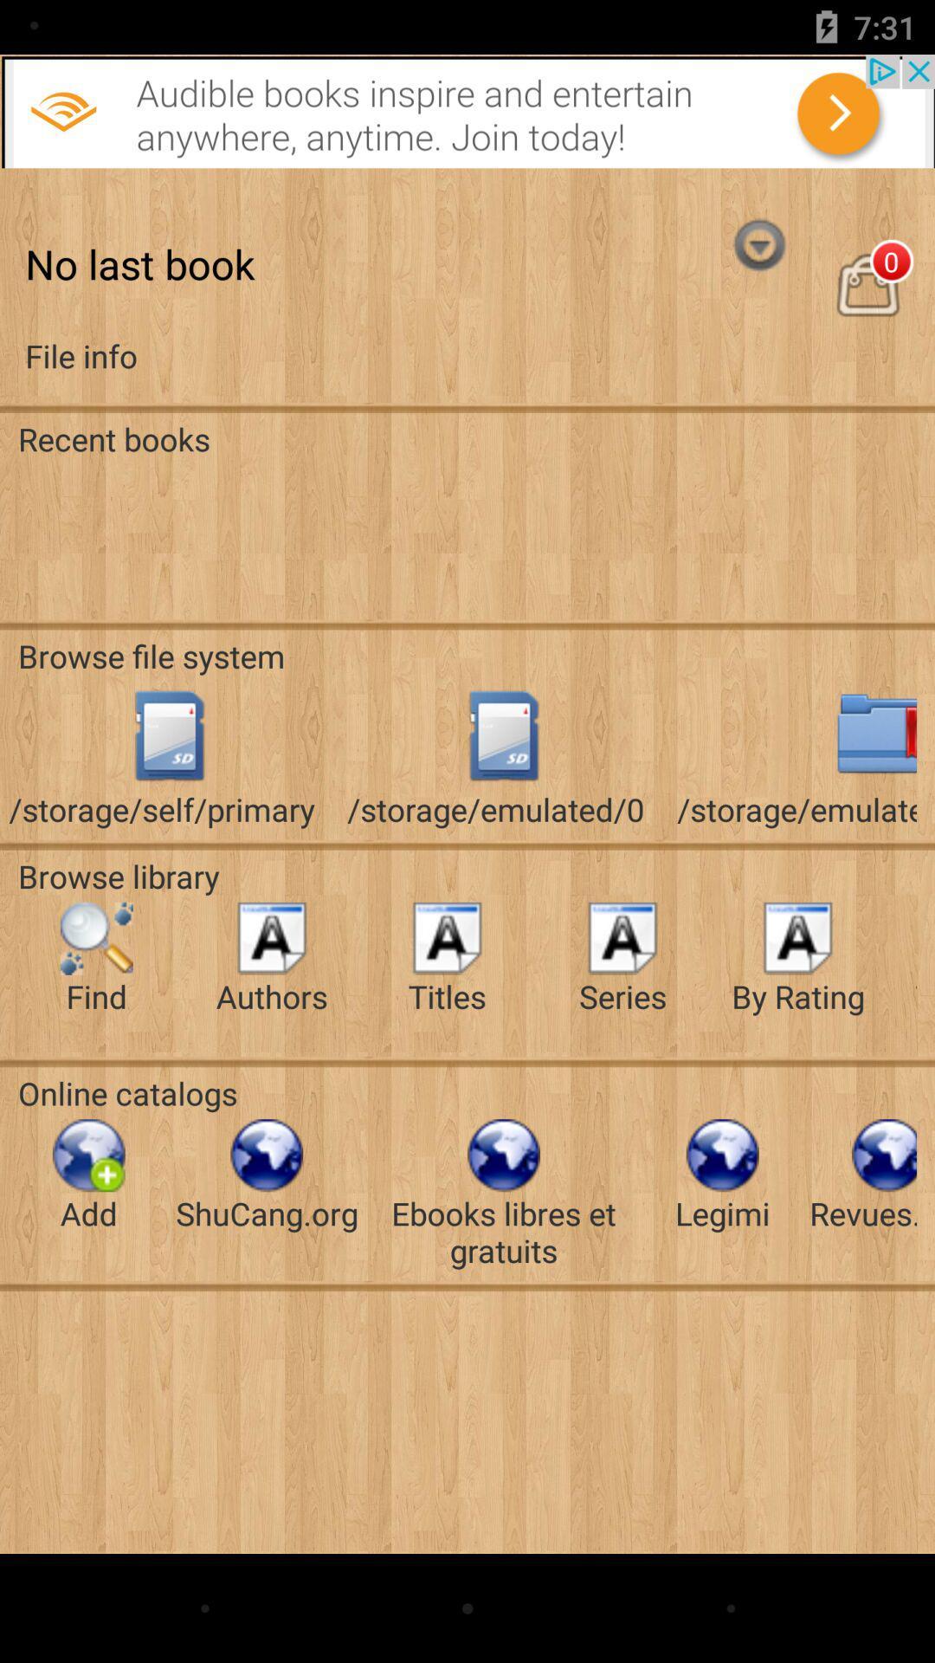 This screenshot has width=935, height=1663. I want to click on the shop icon, so click(867, 305).